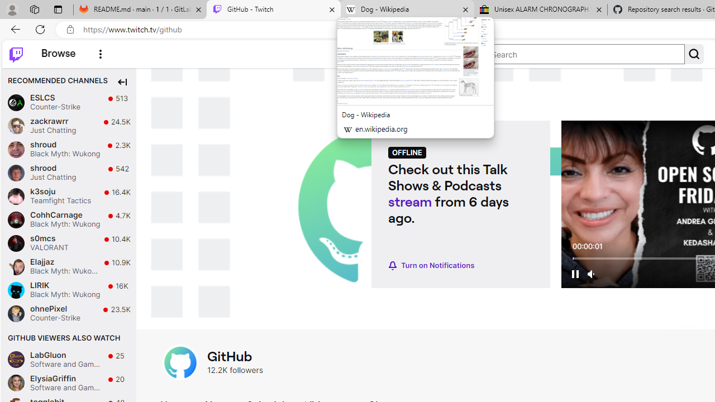 Image resolution: width=715 pixels, height=402 pixels. What do you see at coordinates (409, 201) in the screenshot?
I see `'stream'` at bounding box center [409, 201].